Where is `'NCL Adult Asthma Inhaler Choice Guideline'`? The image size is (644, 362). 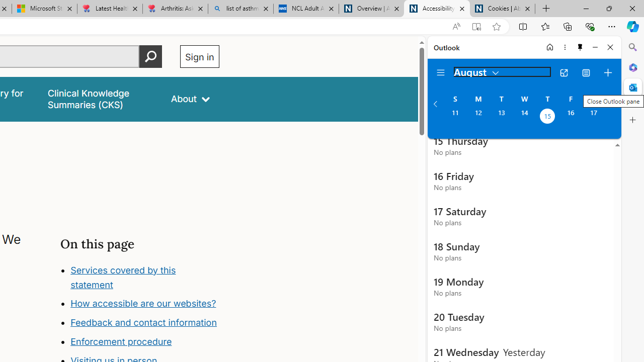
'NCL Adult Asthma Inhaler Choice Guideline' is located at coordinates (305, 9).